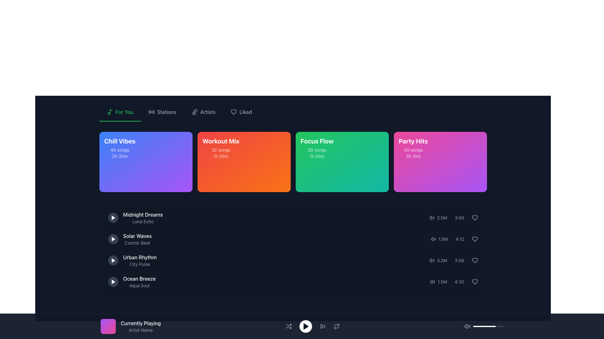 This screenshot has width=604, height=339. I want to click on the informational text displaying the play count and duration for the song 'Midnight Dreams - Luna Echo', located at the bottom-right of its card, so click(454, 218).